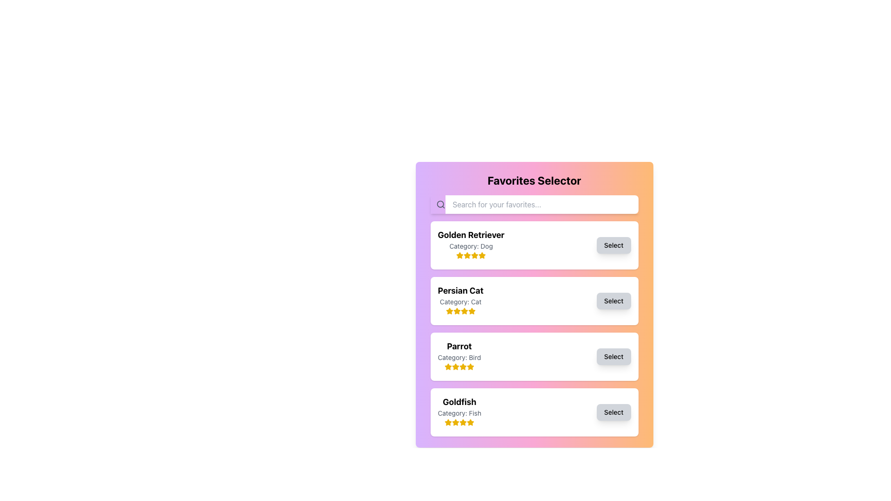  Describe the element at coordinates (470, 366) in the screenshot. I see `the fourth star icon representing the rating for the 'Parrot' item in the list, which is located below the 'Parrot' label` at that location.